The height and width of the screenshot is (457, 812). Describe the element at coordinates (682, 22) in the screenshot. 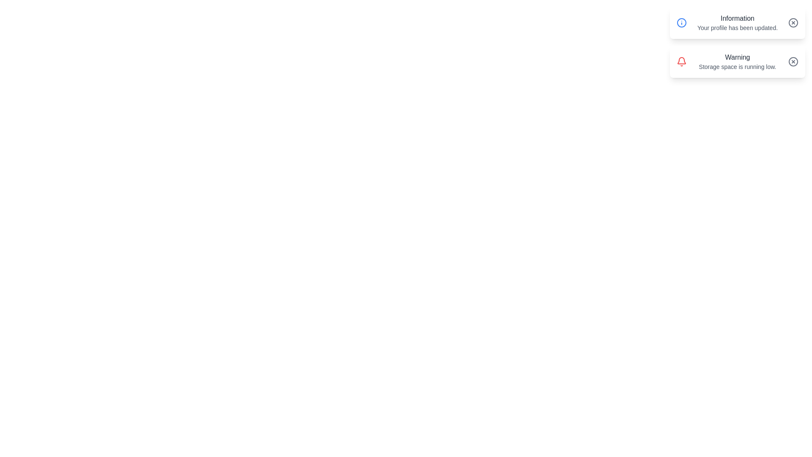

I see `the blue circular outline SVG Circle located in the top-right section of the interface, specifically the leftmost element of the upper notification entry labeled 'Information'` at that location.